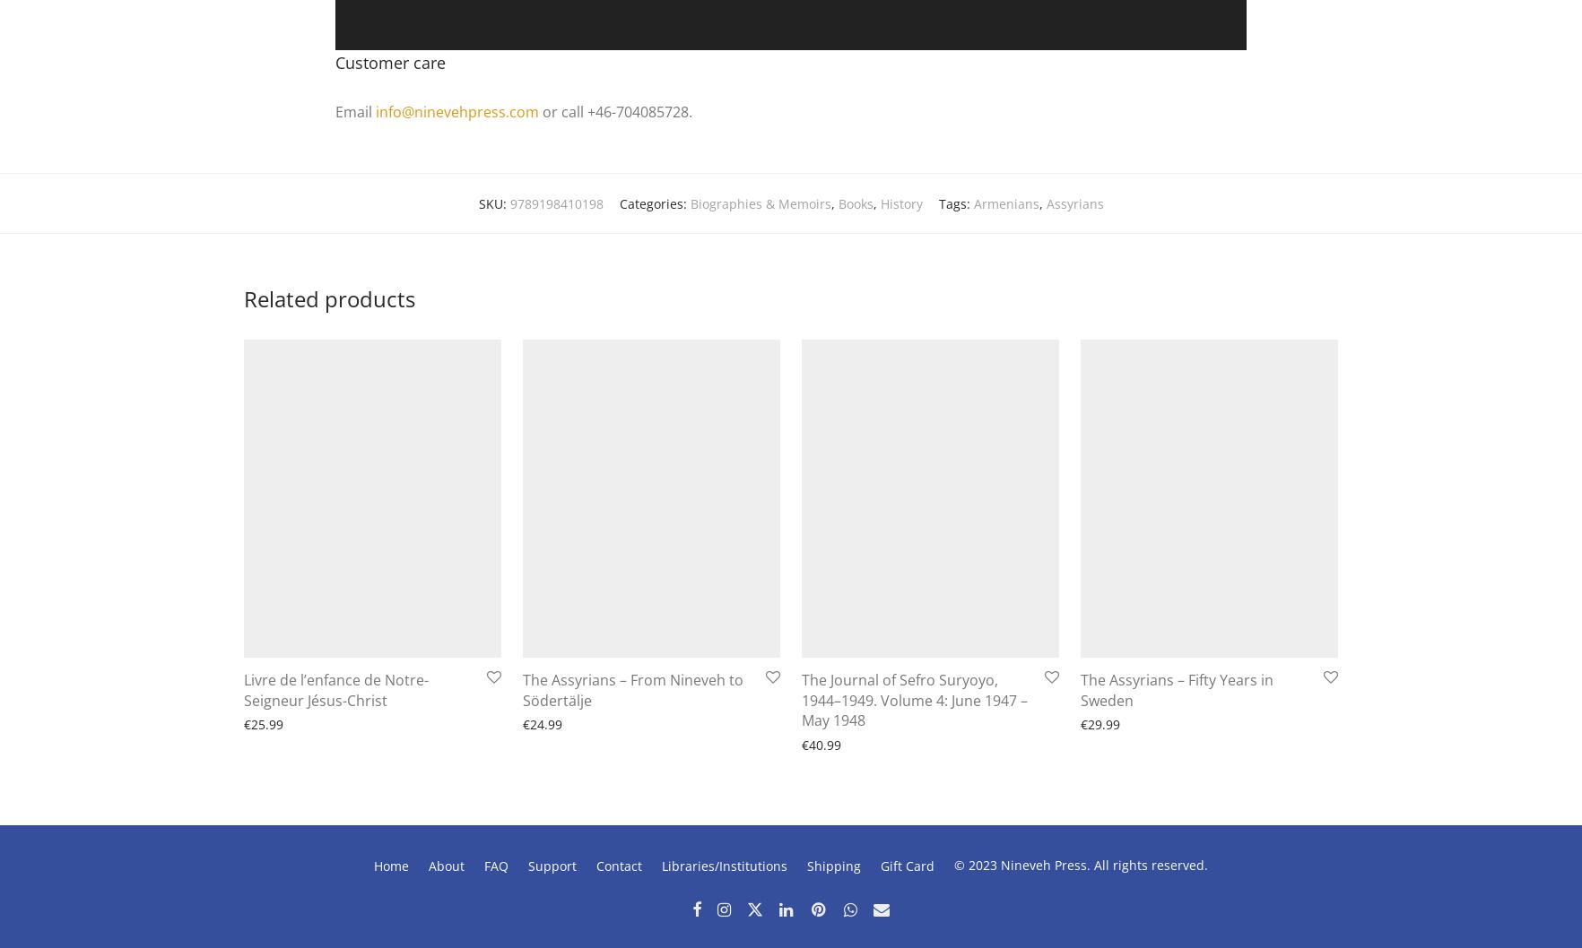  What do you see at coordinates (496, 865) in the screenshot?
I see `'FAQ'` at bounding box center [496, 865].